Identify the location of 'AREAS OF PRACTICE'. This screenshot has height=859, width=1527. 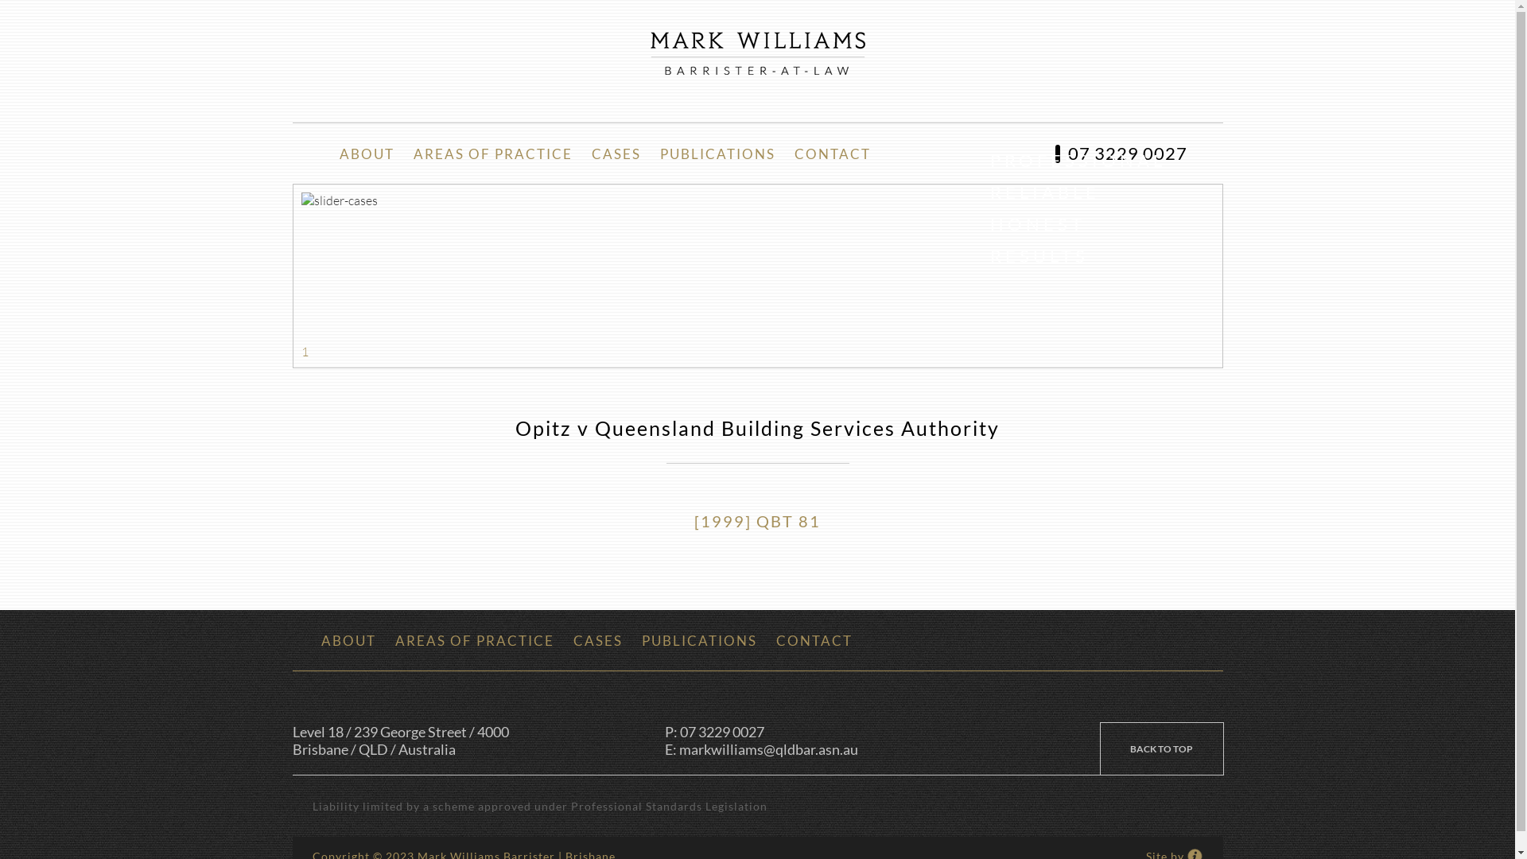
(492, 153).